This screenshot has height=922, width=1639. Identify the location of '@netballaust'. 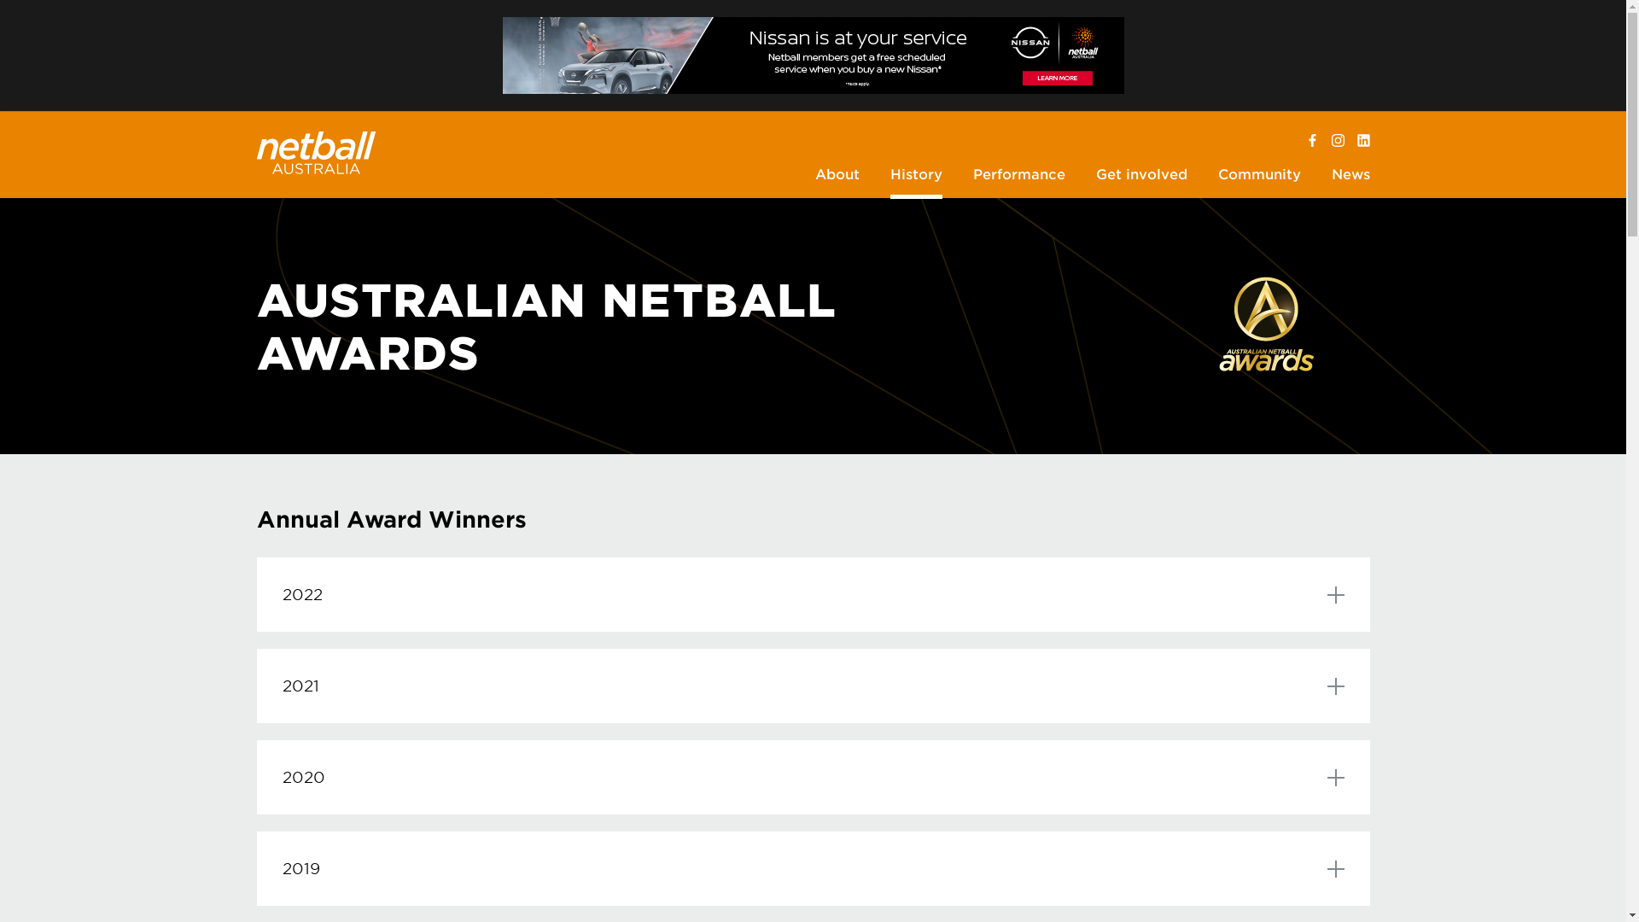
(1337, 140).